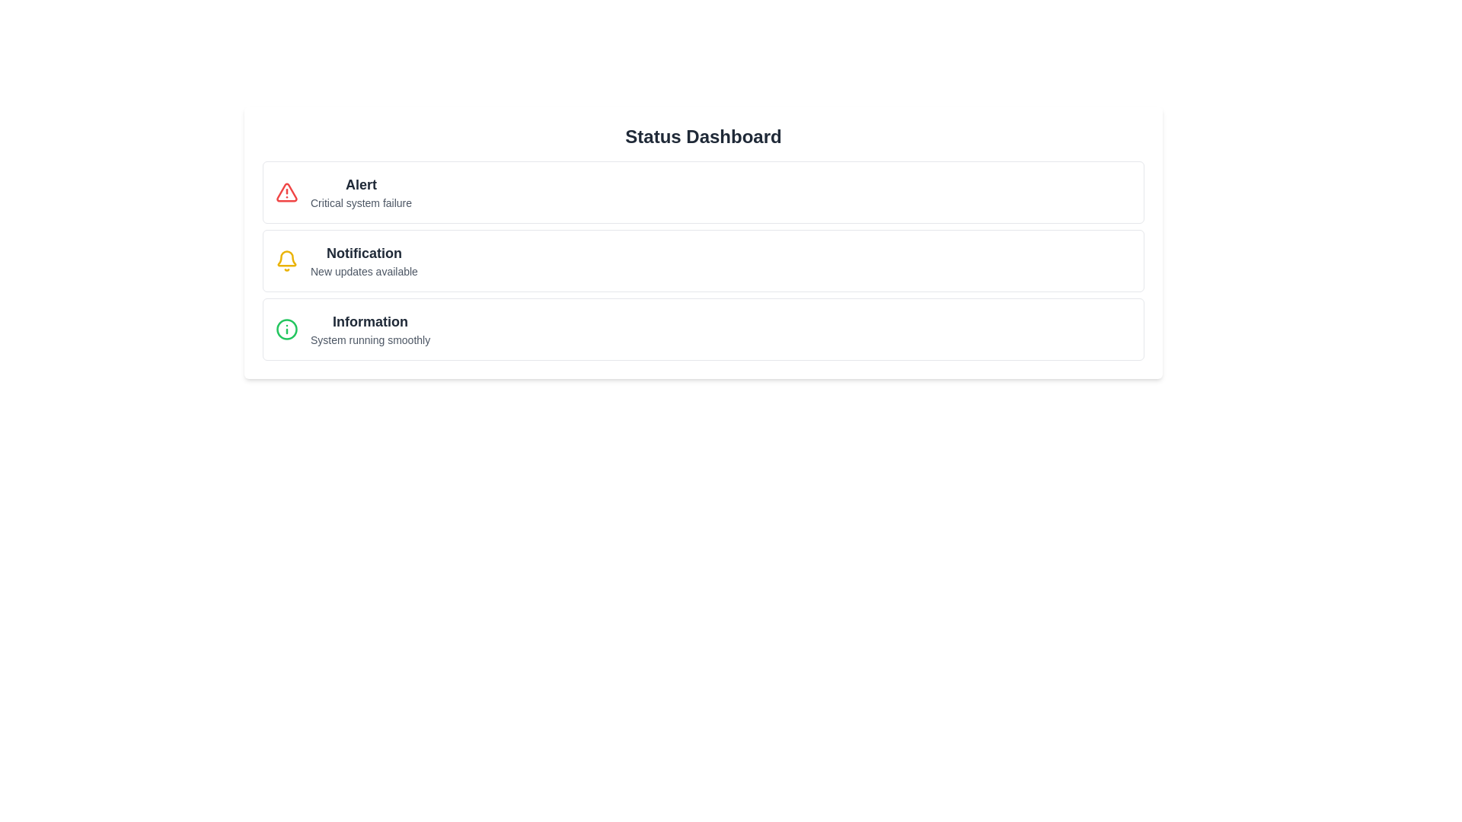  Describe the element at coordinates (287, 257) in the screenshot. I see `the yellow bell icon in the notification section, which is located to the left of the 'Notification' text` at that location.